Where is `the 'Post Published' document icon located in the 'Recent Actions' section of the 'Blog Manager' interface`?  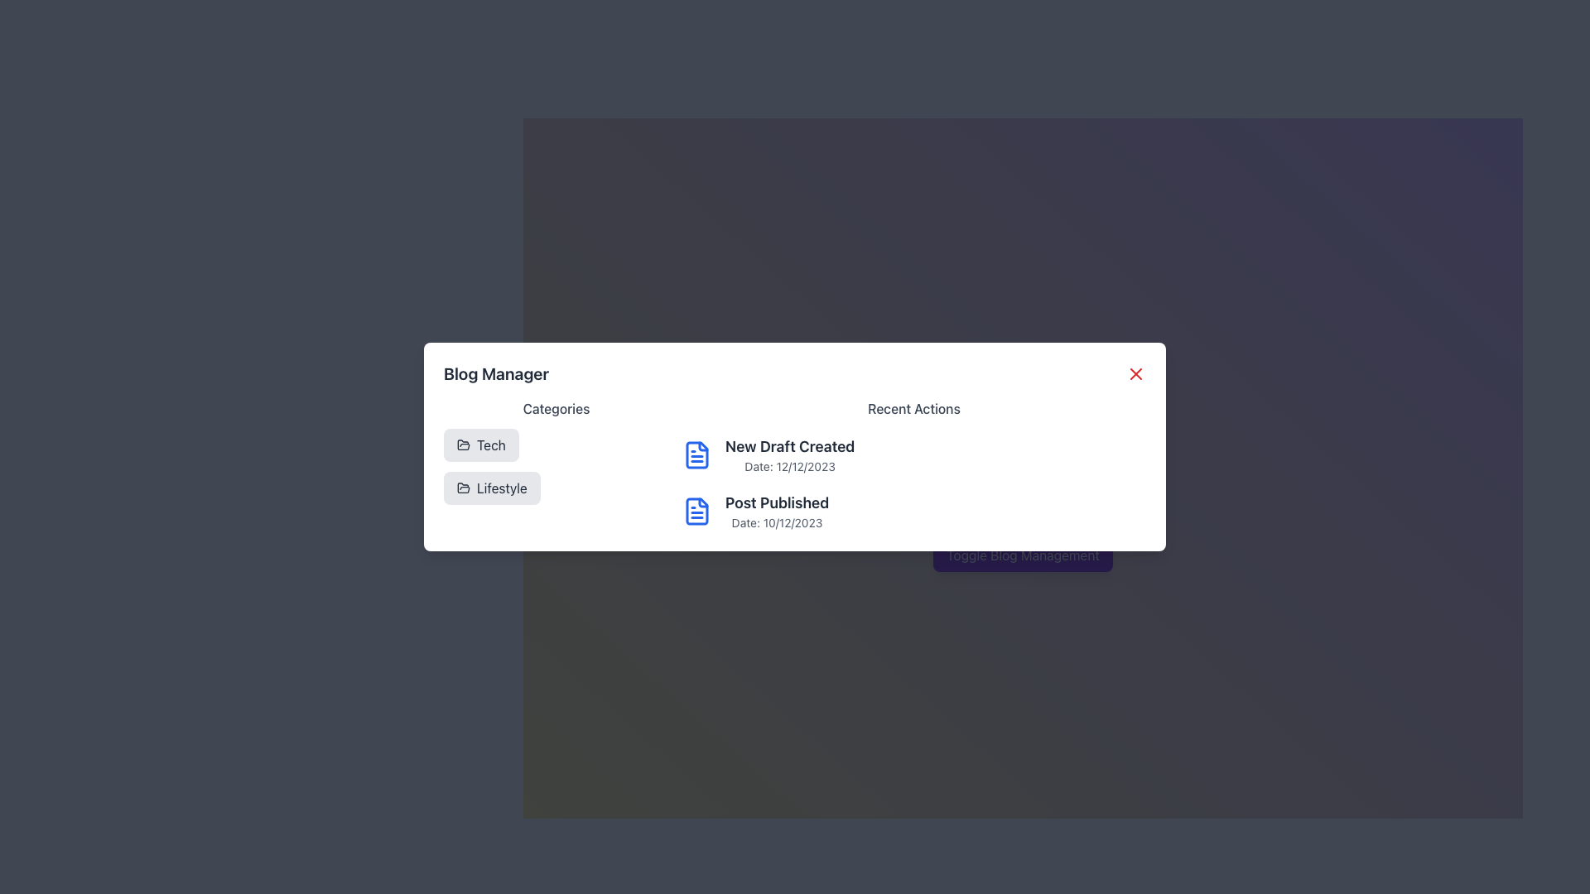
the 'Post Published' document icon located in the 'Recent Actions' section of the 'Blog Manager' interface is located at coordinates (696, 510).